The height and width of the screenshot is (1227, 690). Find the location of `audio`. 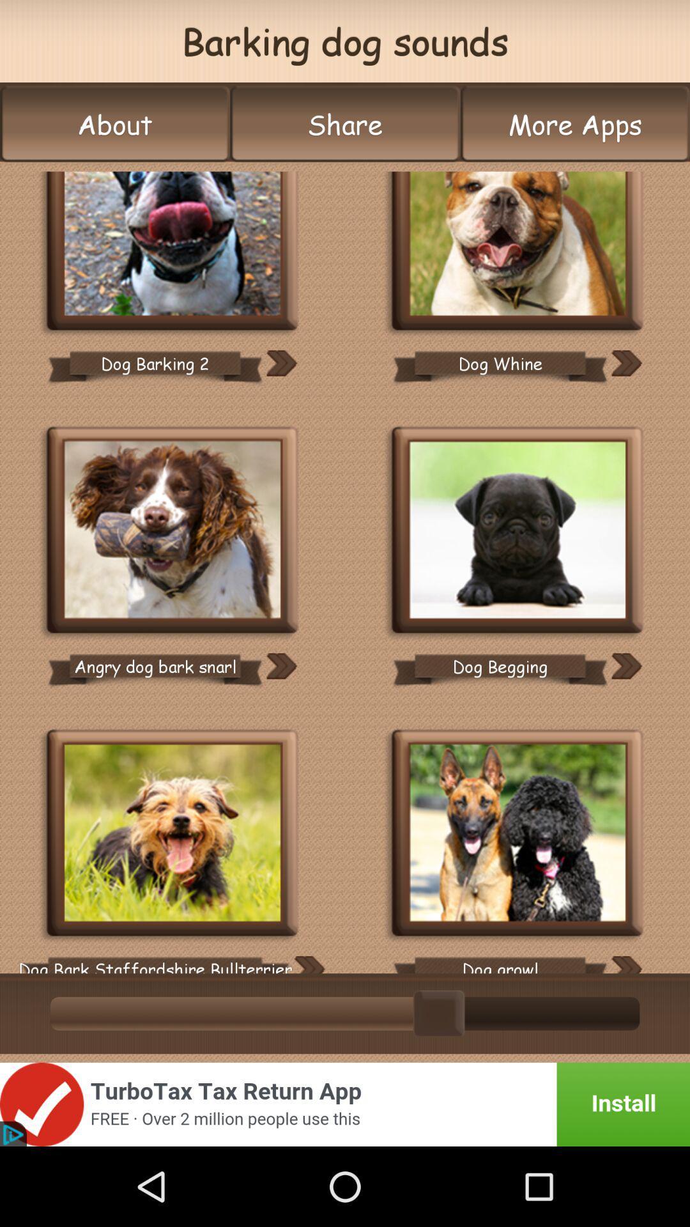

audio is located at coordinates (625, 964).